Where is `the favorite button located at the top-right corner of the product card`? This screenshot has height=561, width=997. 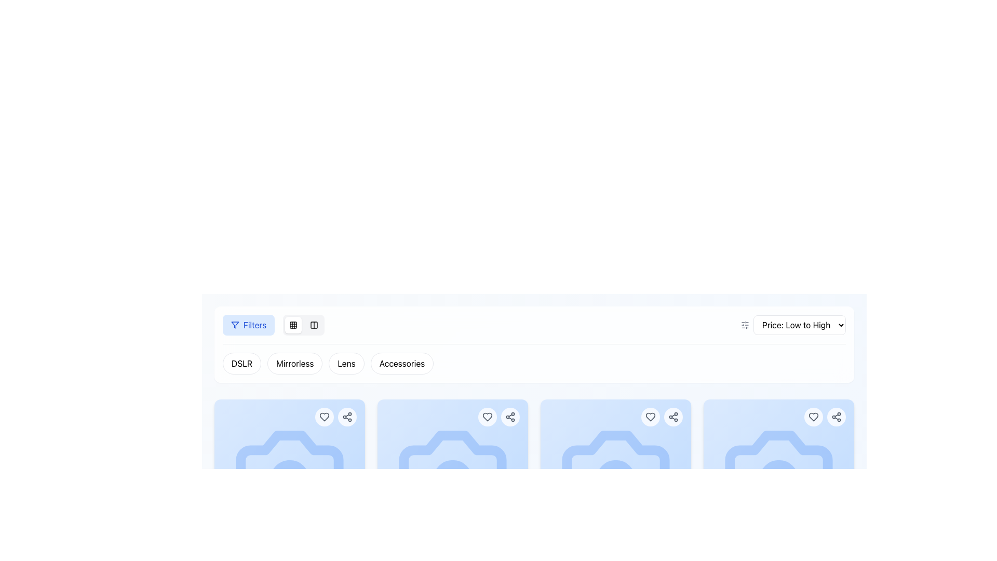 the favorite button located at the top-right corner of the product card is located at coordinates (487, 416).